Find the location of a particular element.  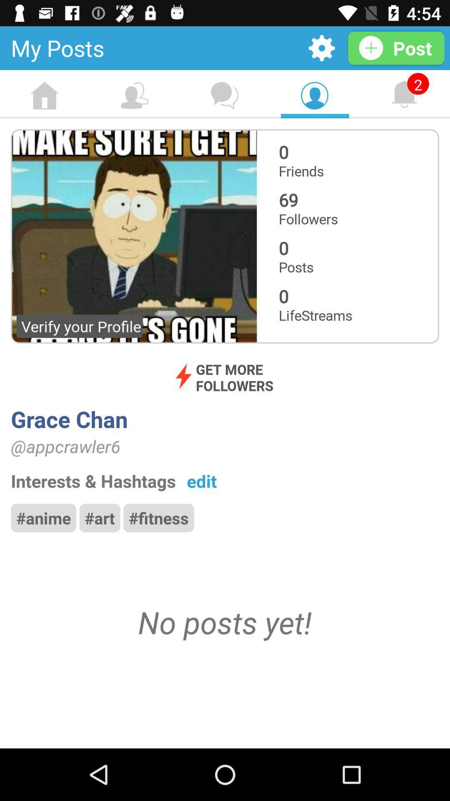

open settings is located at coordinates (321, 48).